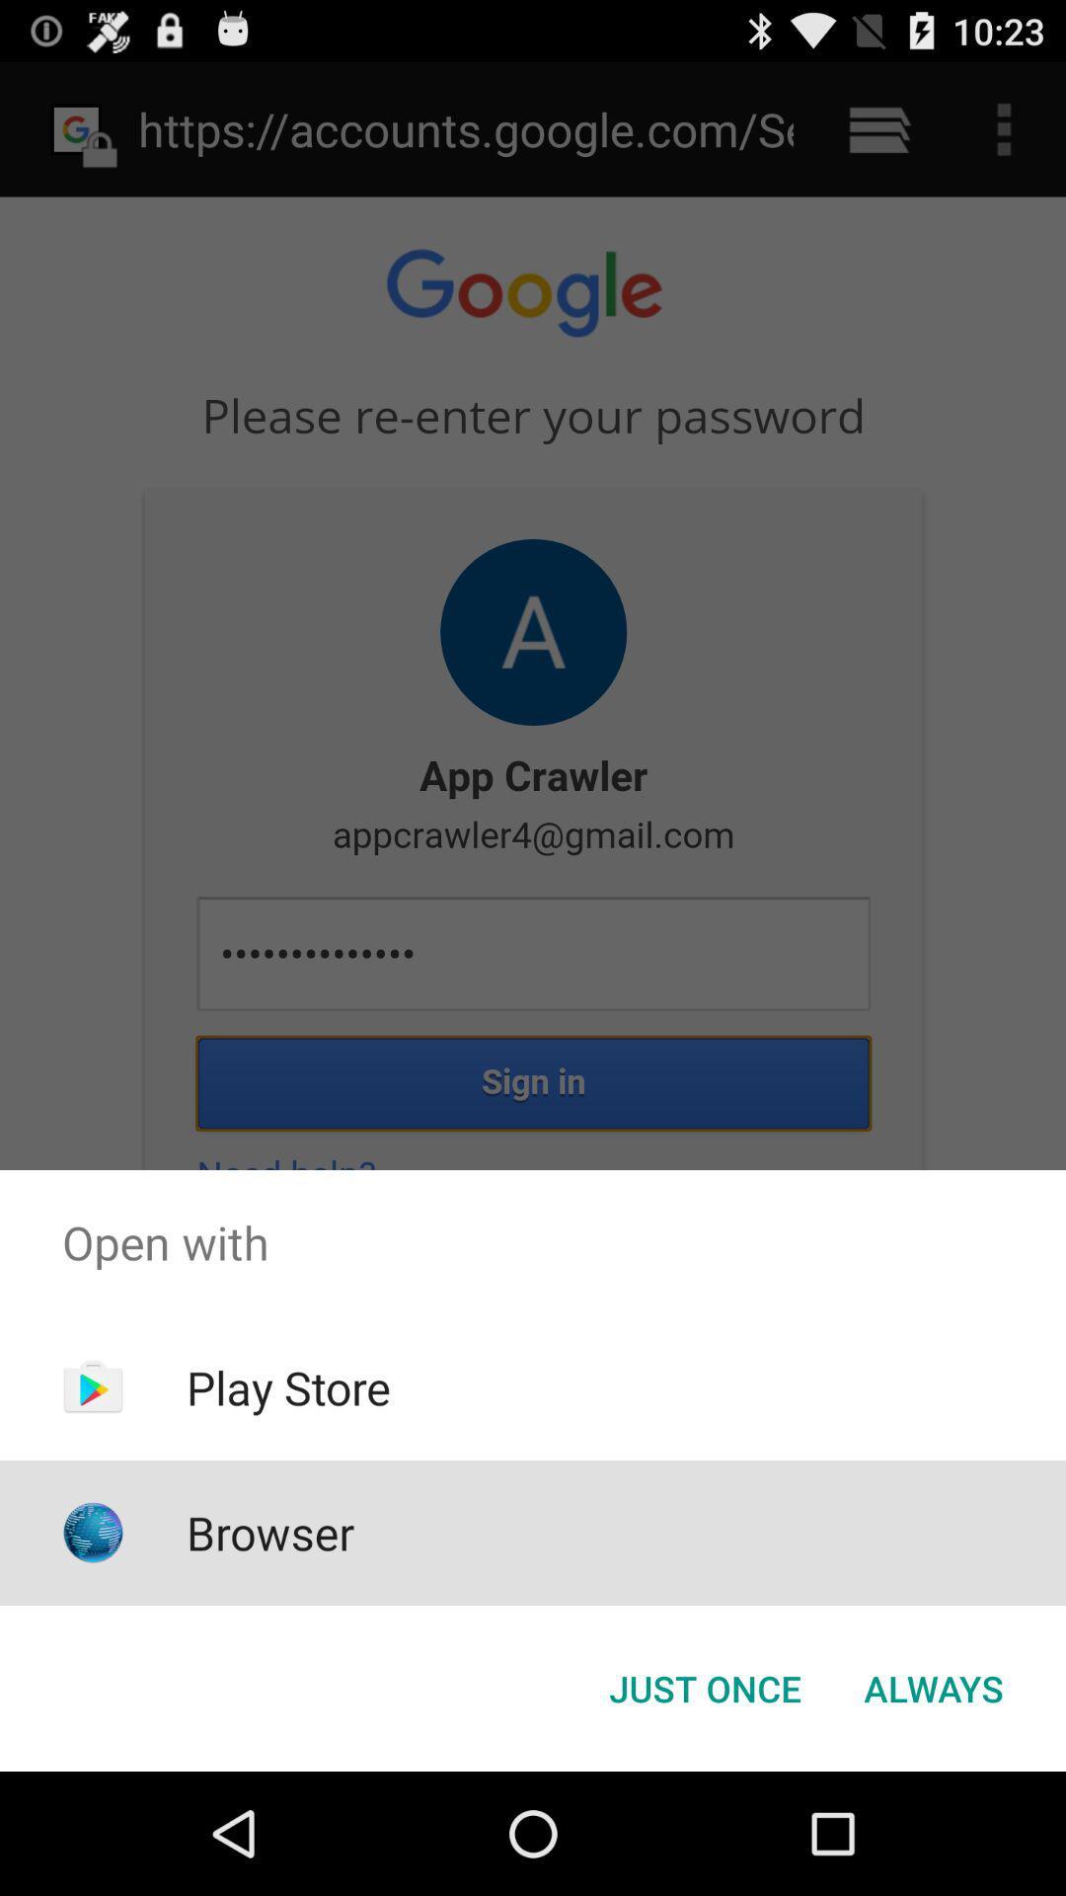  What do you see at coordinates (933, 1687) in the screenshot?
I see `icon next to the just once icon` at bounding box center [933, 1687].